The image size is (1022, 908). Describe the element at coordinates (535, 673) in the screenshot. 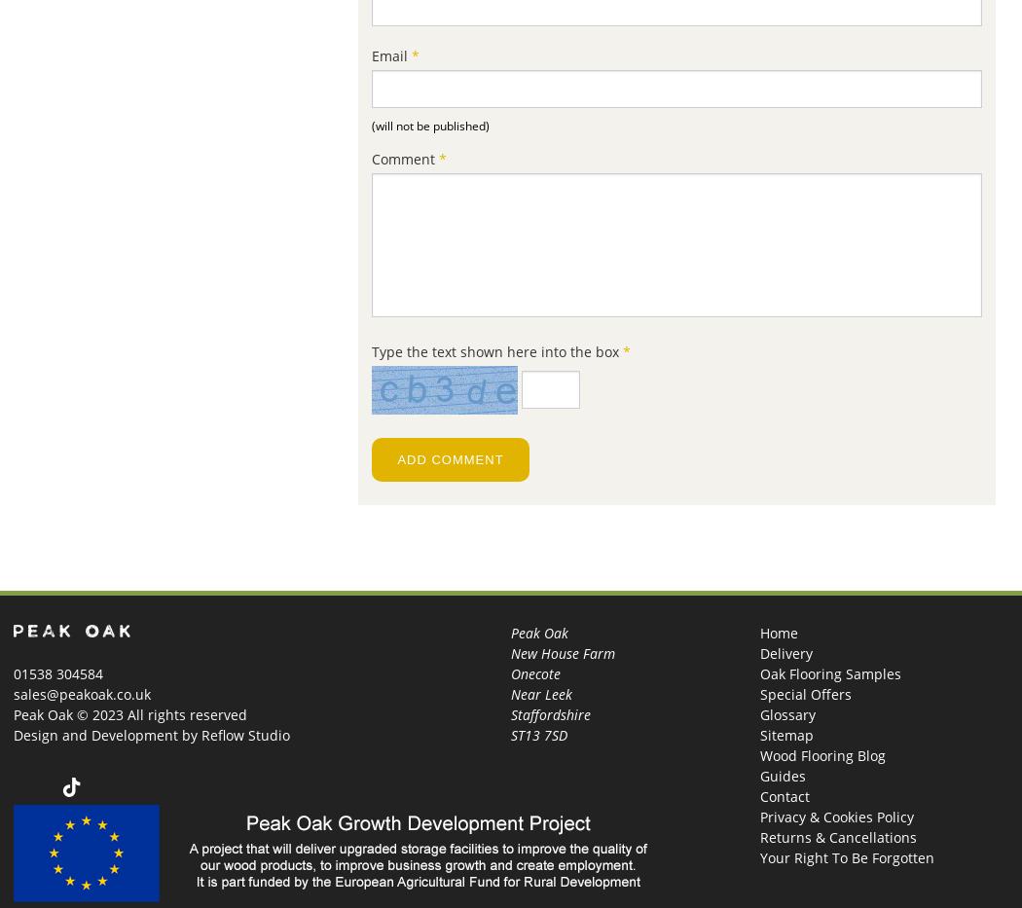

I see `'Onecote'` at that location.